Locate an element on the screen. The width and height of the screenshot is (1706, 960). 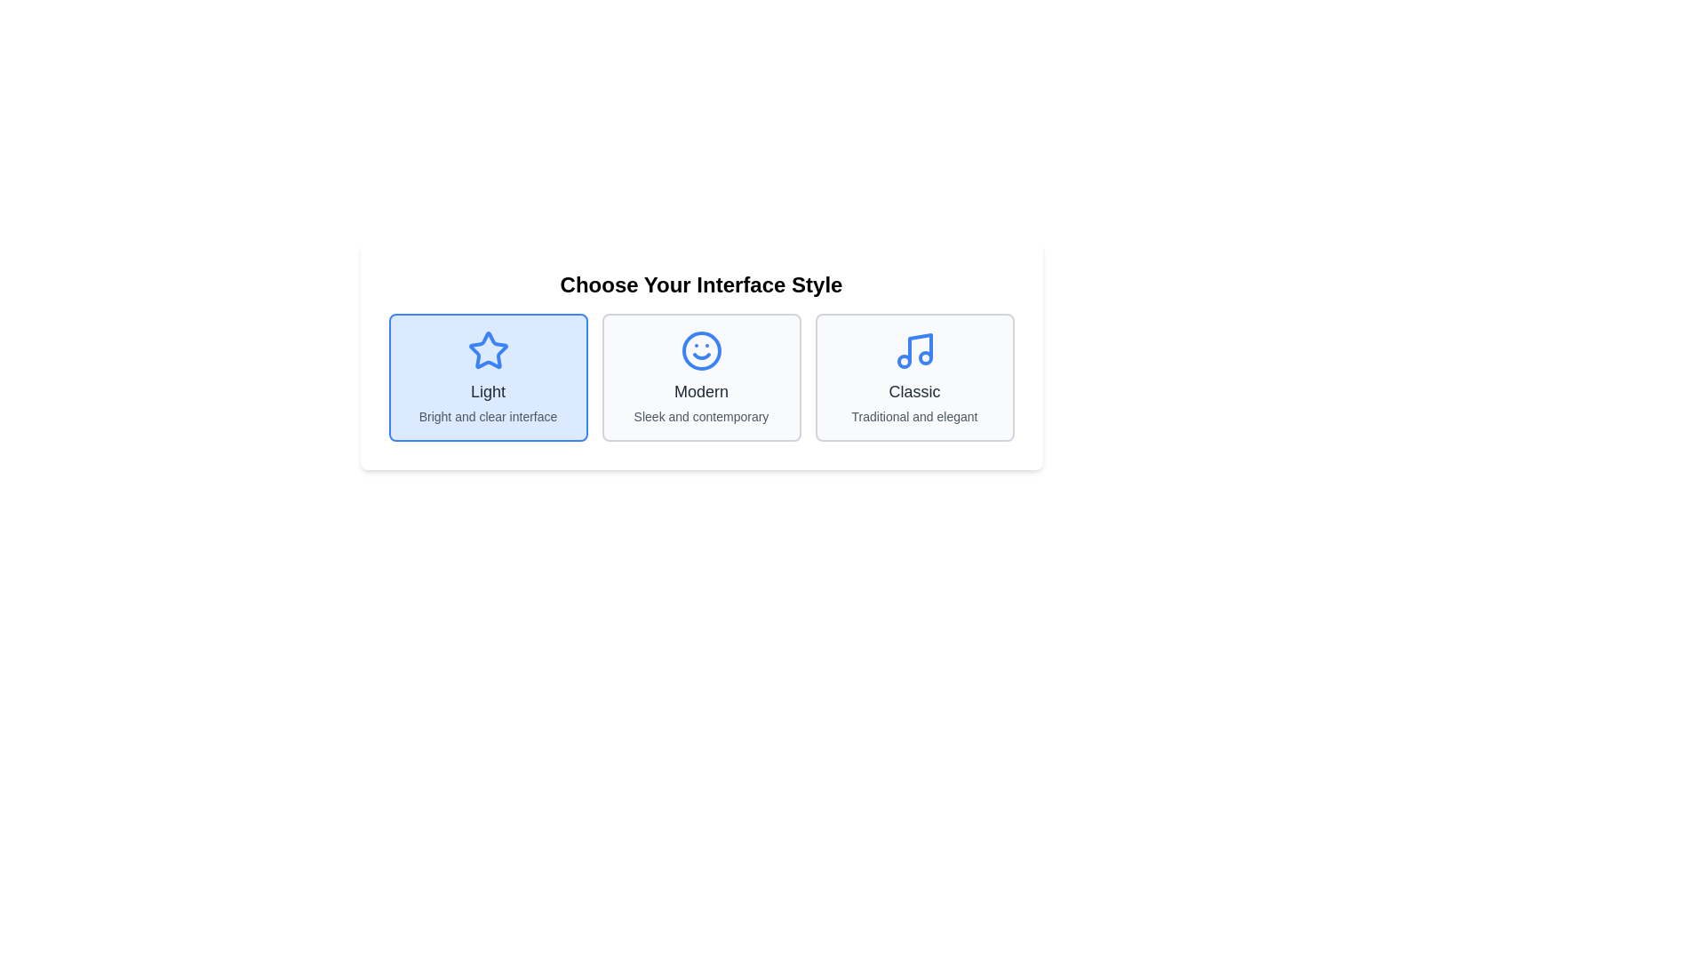
the 'Modern' selectable card element located at the center of the three-item selection interface is located at coordinates (700, 376).